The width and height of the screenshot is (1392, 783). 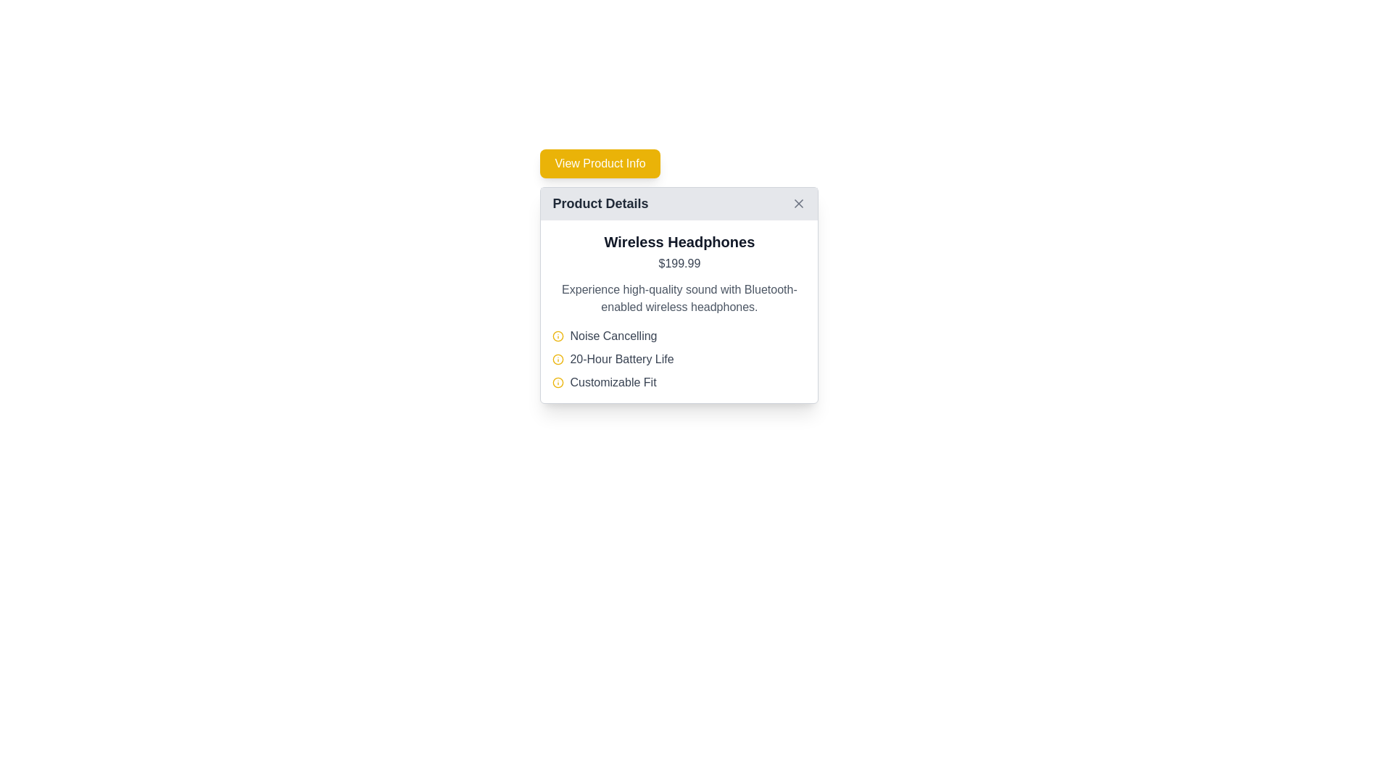 I want to click on the yellow circular icon with an 'i' symbol located to the left of the 'Customizable Fit' label, so click(x=558, y=382).